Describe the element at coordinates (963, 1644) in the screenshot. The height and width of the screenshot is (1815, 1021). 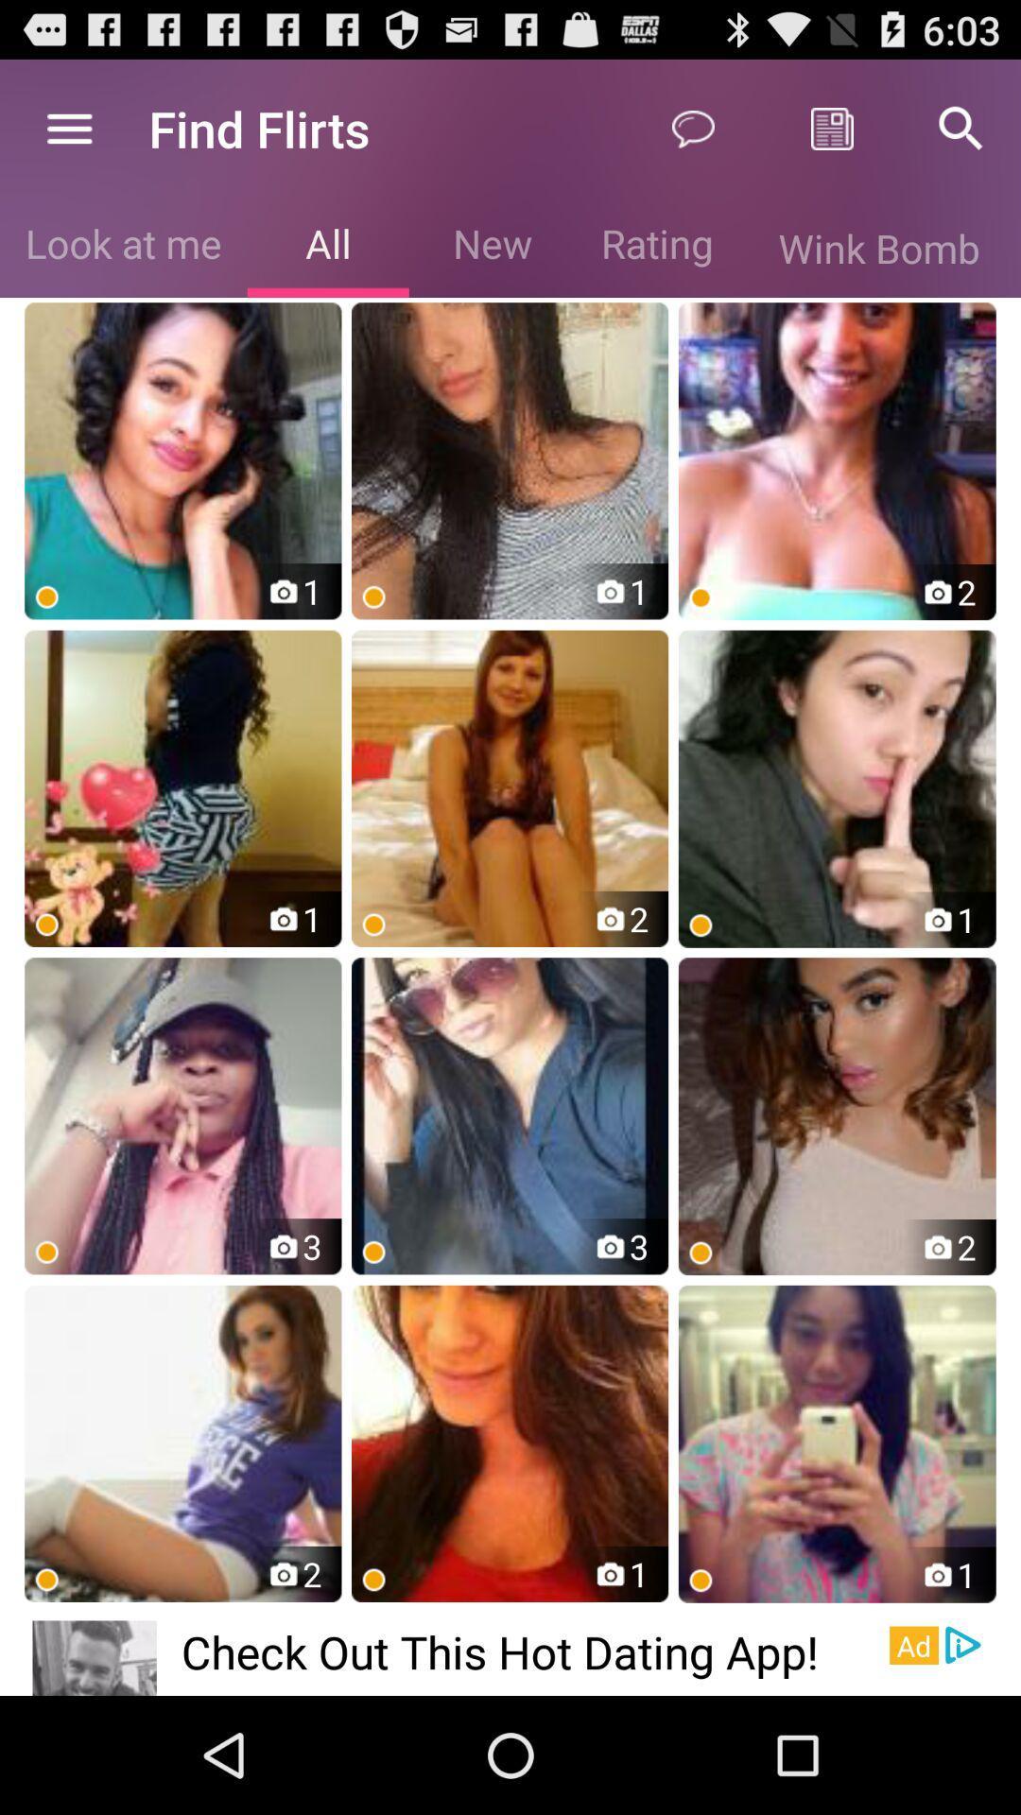
I see `app next to  ad  icon` at that location.